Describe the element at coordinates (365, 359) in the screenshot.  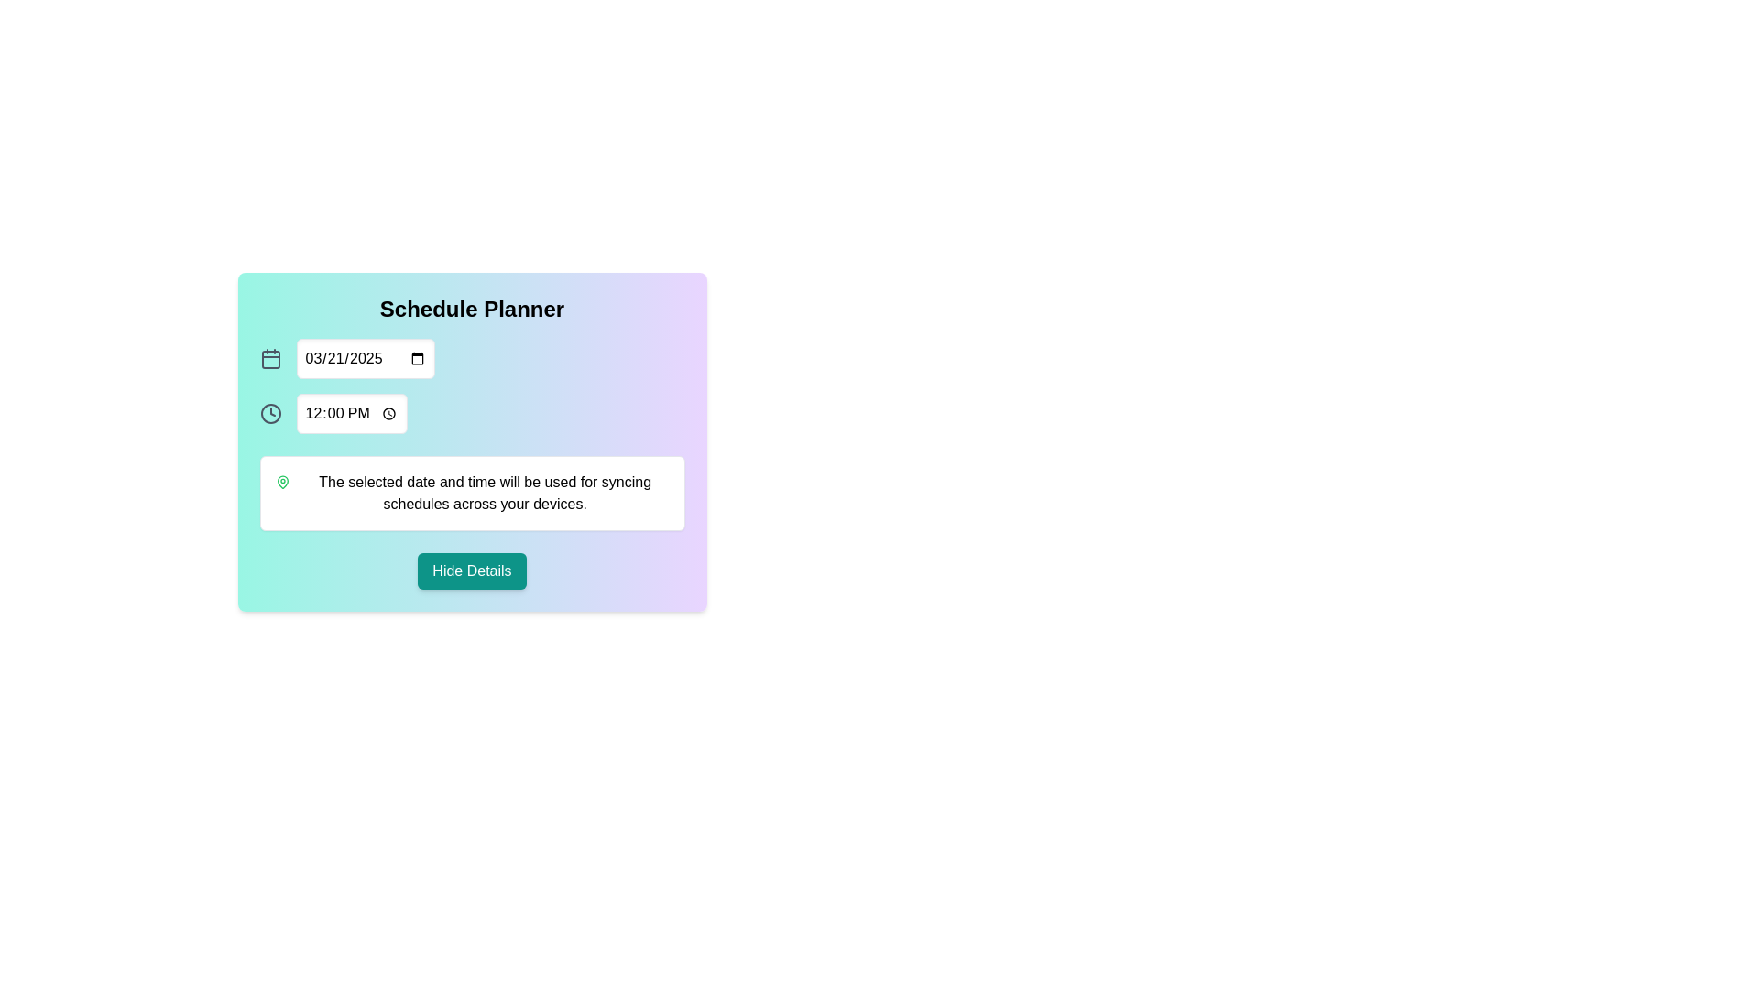
I see `the Date input field, which is a rectangular input field styled with a border and shadow effect, displaying the date value (03/21/2025)` at that location.